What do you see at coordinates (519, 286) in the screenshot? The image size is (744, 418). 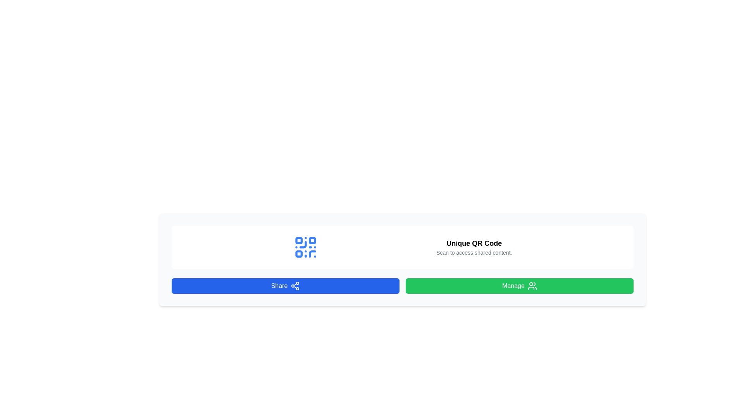 I see `the second button in the bottom-right quadrant of the interface to manage content related to the displayed QR code` at bounding box center [519, 286].